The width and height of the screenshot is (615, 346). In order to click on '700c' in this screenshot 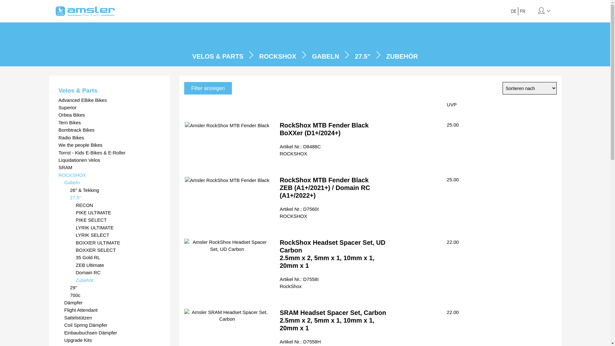, I will do `click(115, 295)`.